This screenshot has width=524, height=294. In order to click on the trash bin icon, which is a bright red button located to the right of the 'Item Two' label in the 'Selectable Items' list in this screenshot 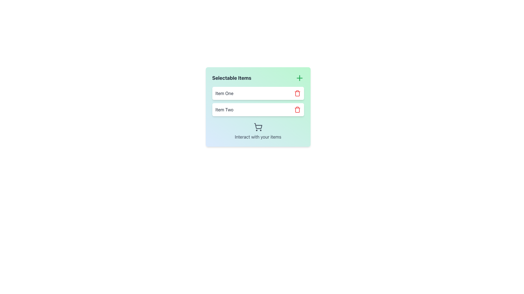, I will do `click(297, 109)`.